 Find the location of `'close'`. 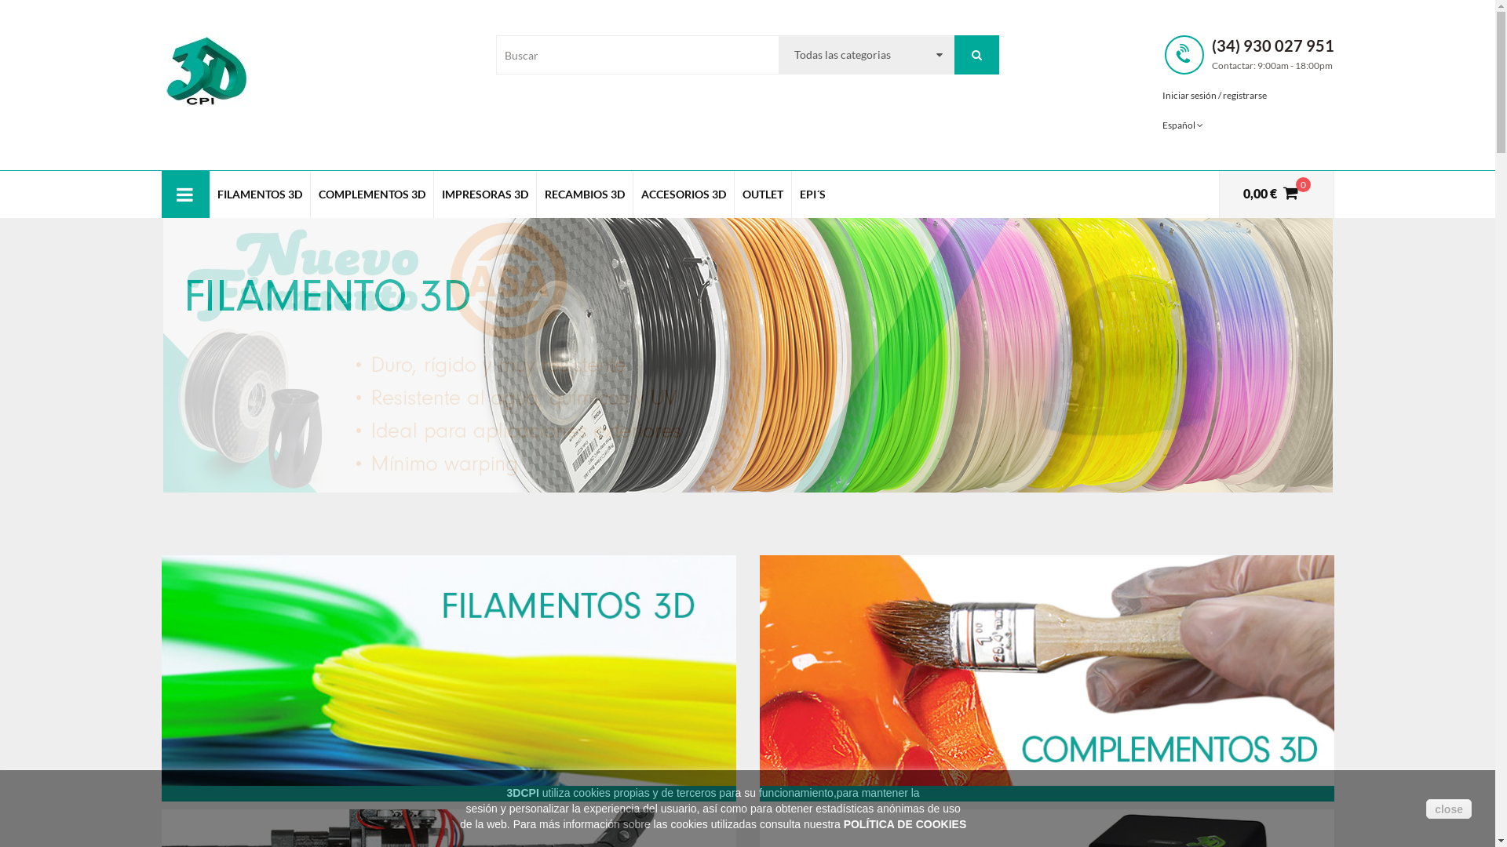

'close' is located at coordinates (1448, 808).